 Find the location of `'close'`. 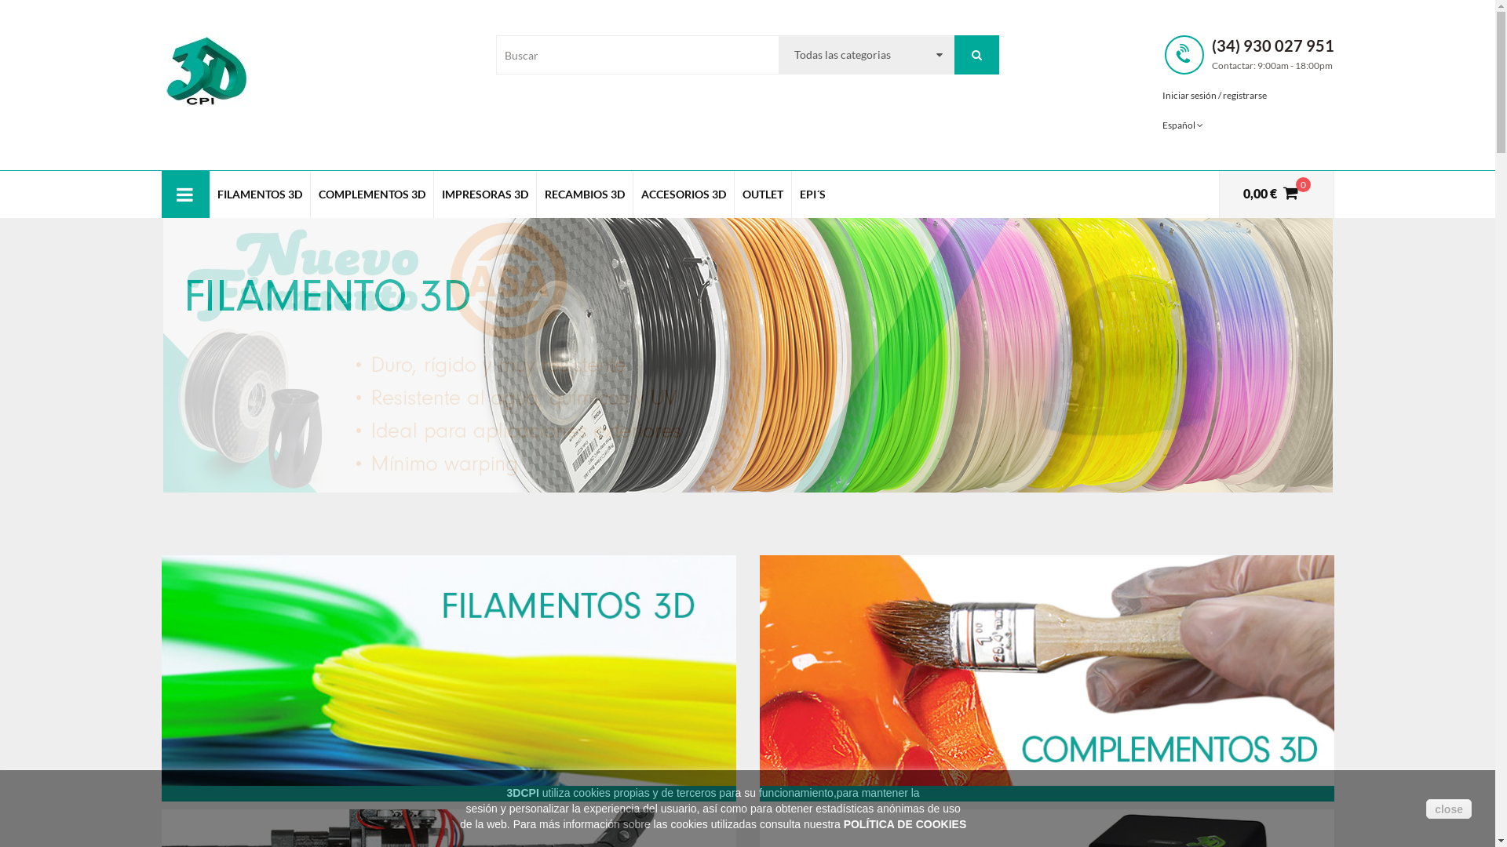

'close' is located at coordinates (1448, 808).